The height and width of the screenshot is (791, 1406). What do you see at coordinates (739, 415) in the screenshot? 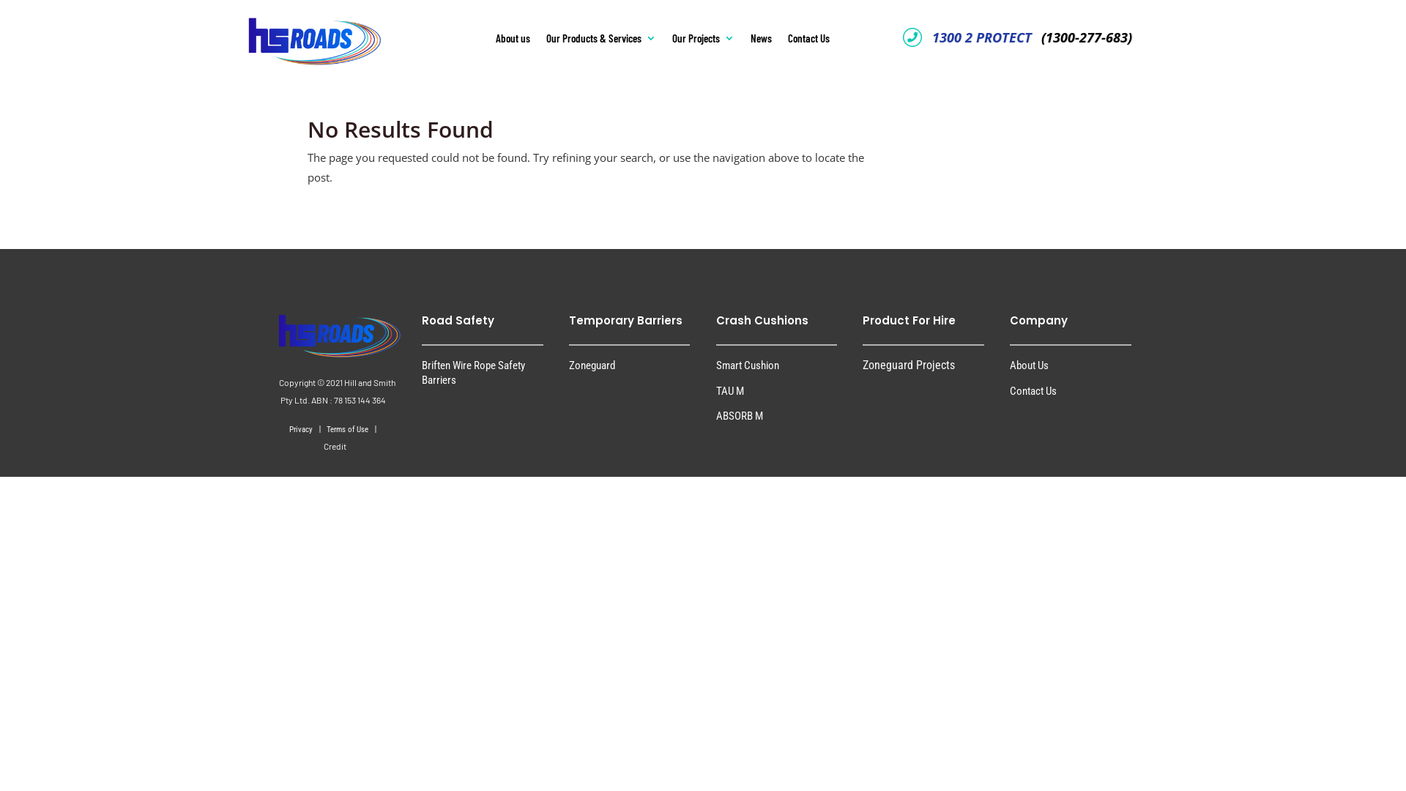
I see `'ABSORB M'` at bounding box center [739, 415].